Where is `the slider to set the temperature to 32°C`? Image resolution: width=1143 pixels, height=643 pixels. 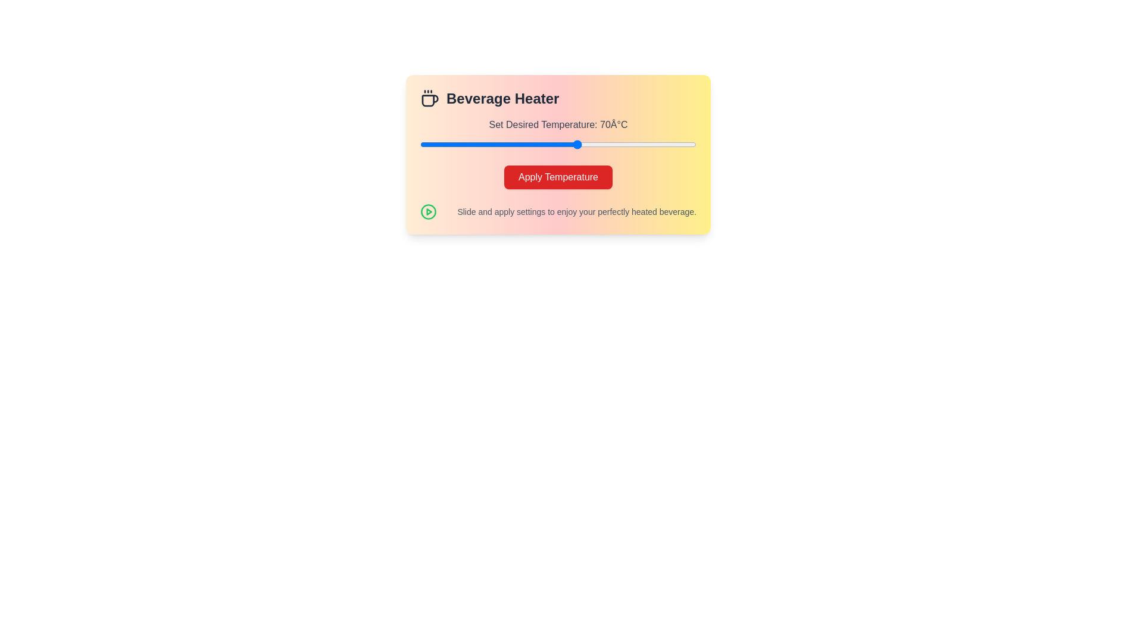
the slider to set the temperature to 32°C is located at coordinates (428, 144).